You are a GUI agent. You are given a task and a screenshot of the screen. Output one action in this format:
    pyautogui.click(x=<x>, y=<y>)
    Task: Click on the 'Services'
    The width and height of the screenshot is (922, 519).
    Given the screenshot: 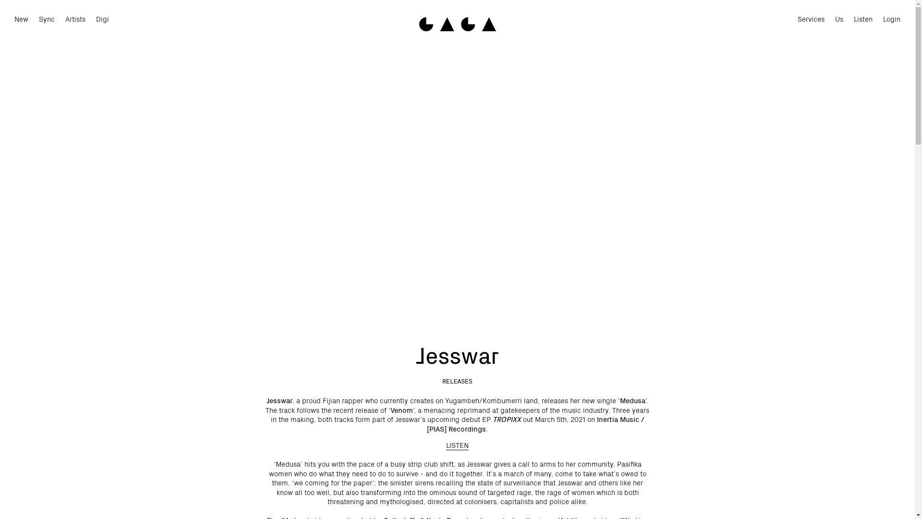 What is the action you would take?
    pyautogui.click(x=811, y=19)
    